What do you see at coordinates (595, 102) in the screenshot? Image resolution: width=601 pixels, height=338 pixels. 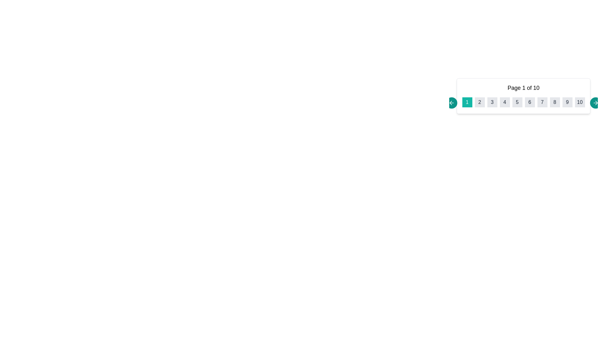 I see `the 'Next page' button, which is a circular button located at the rightmost end of the pagination control` at bounding box center [595, 102].